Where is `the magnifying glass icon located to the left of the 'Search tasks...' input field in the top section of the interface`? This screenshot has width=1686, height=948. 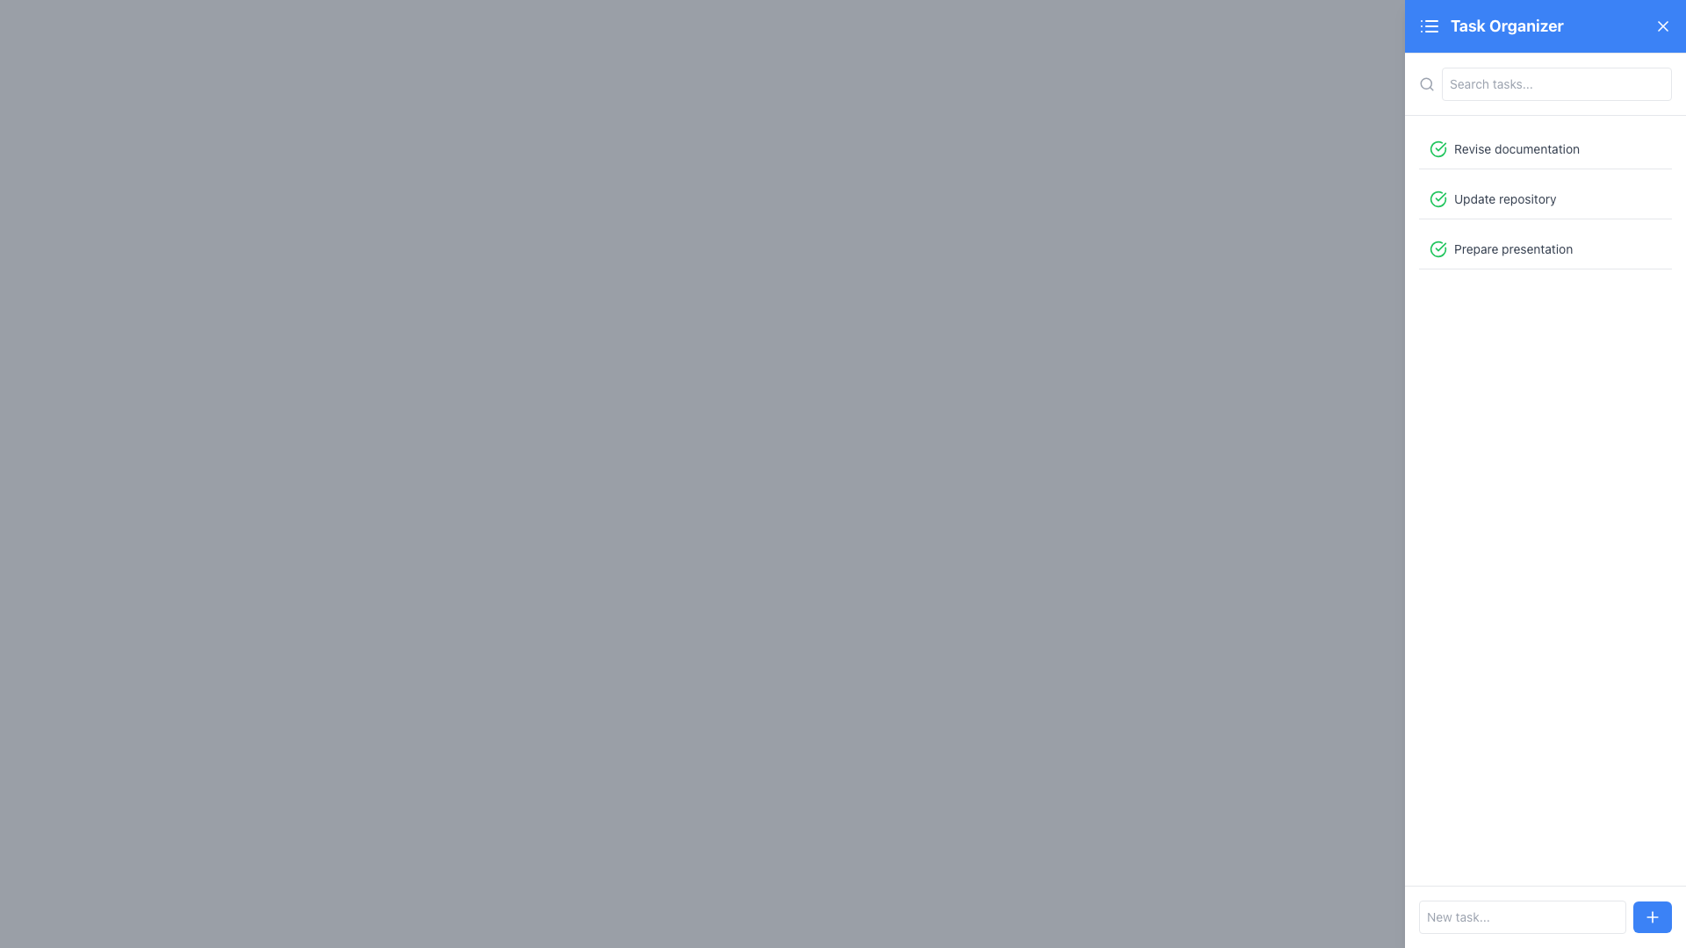
the magnifying glass icon located to the left of the 'Search tasks...' input field in the top section of the interface is located at coordinates (1427, 84).